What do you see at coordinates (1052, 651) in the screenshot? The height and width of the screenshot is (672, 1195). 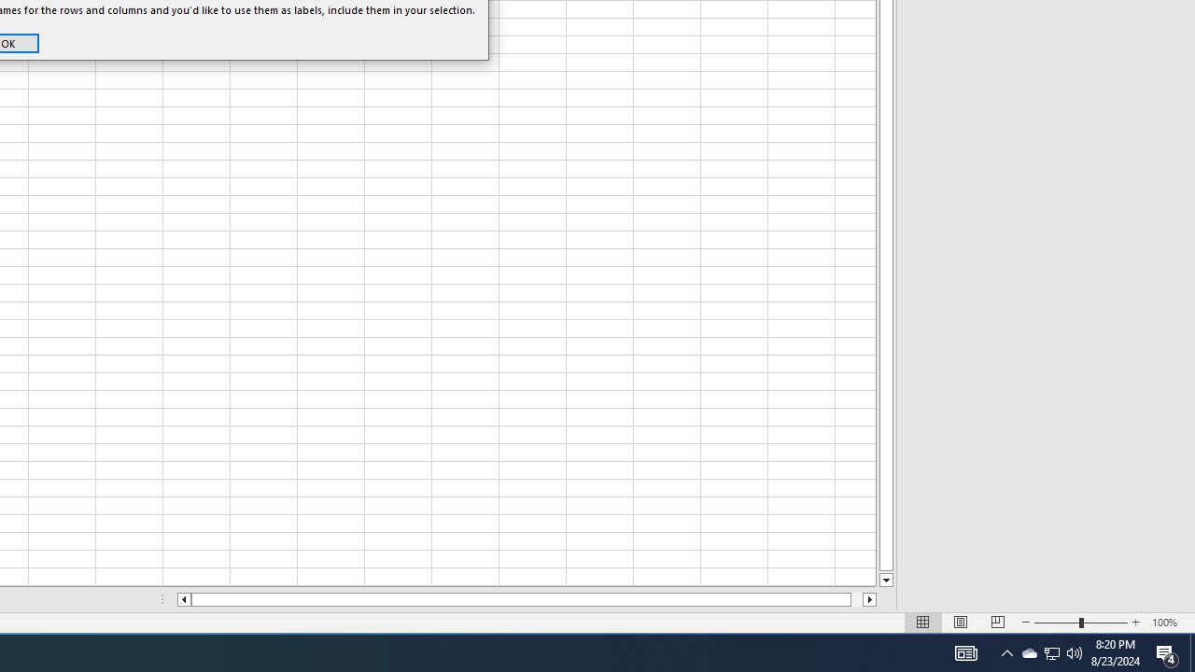 I see `'User Promoted Notification Area'` at bounding box center [1052, 651].